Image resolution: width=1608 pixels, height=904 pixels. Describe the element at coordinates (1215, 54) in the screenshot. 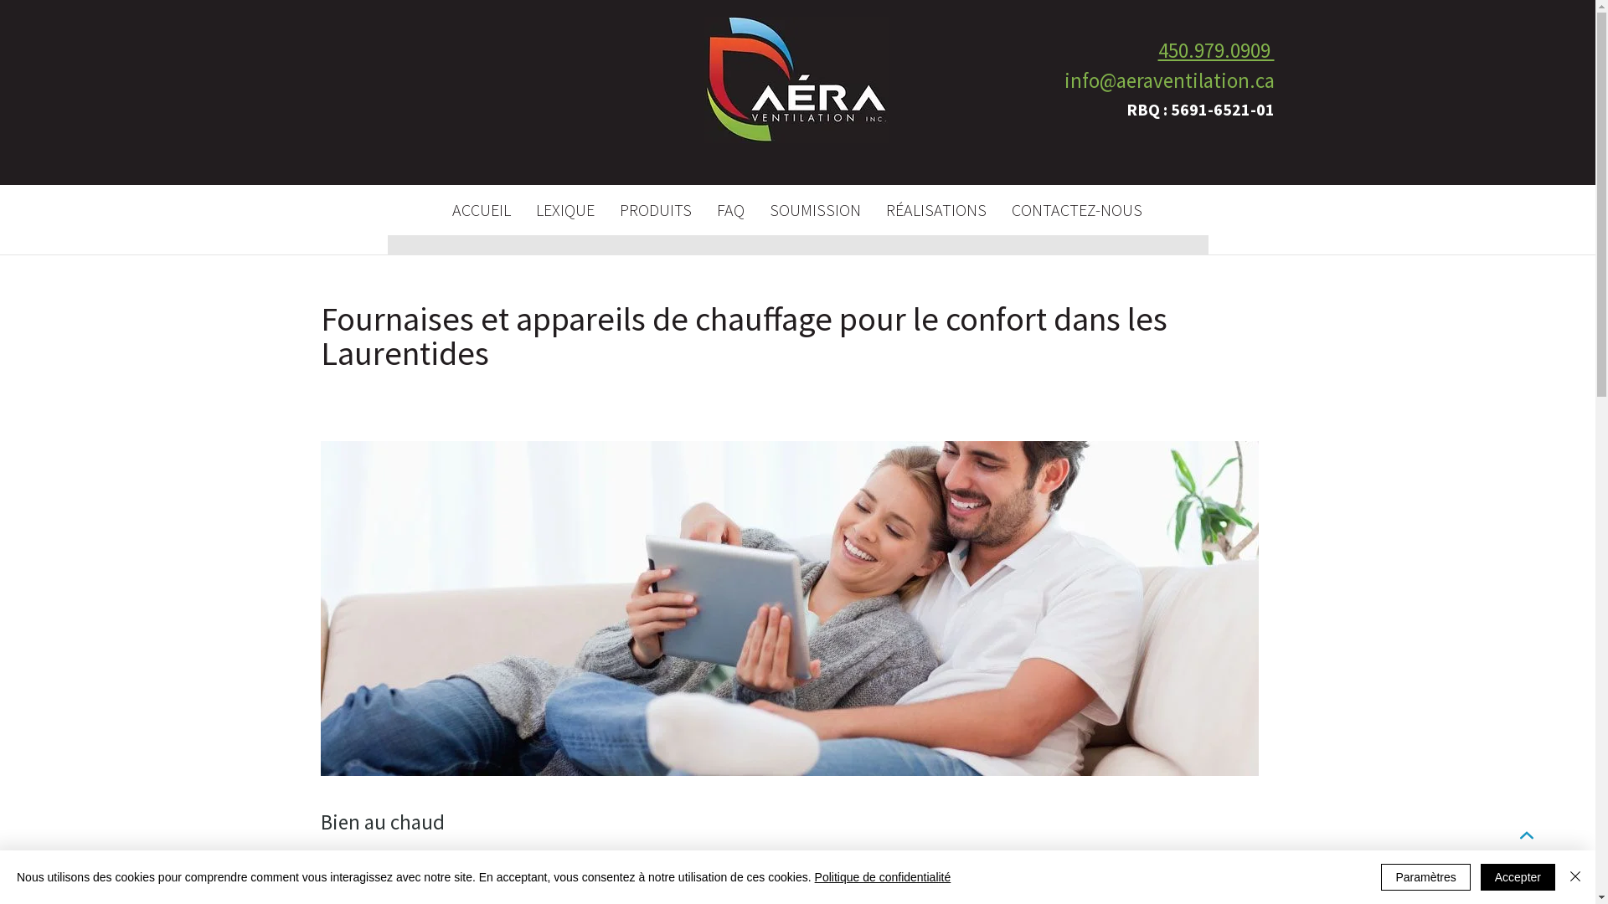

I see `'450.979.0909 '` at that location.